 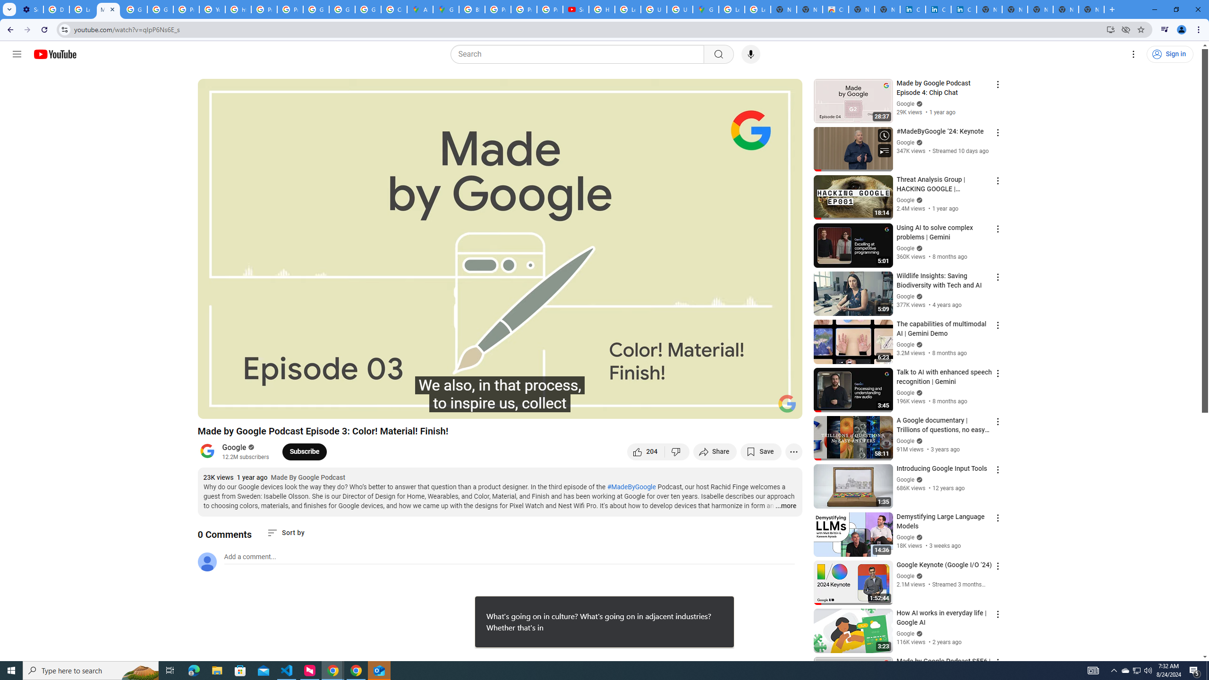 What do you see at coordinates (715, 451) in the screenshot?
I see `'Share'` at bounding box center [715, 451].